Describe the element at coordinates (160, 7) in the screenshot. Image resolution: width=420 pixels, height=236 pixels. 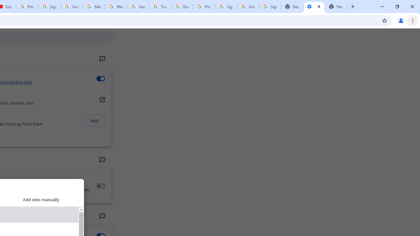
I see `'Trusted Information and Content - Google Safety Center'` at that location.